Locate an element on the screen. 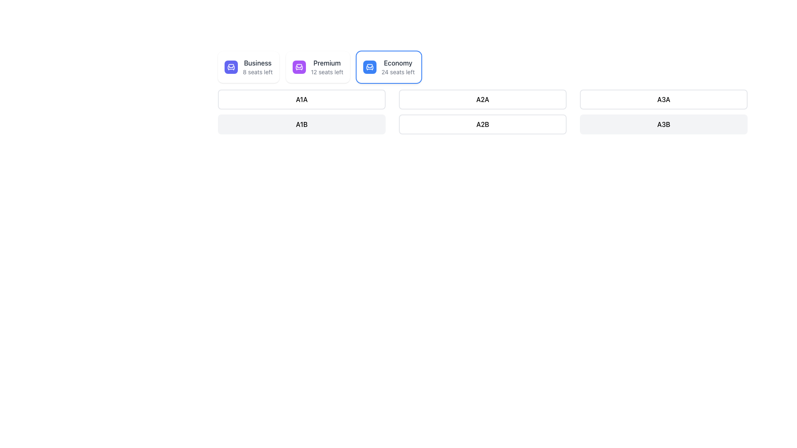  the button labeled 'A1A', which is the first button in the vertical stack under the 'Economy' section is located at coordinates (301, 99).